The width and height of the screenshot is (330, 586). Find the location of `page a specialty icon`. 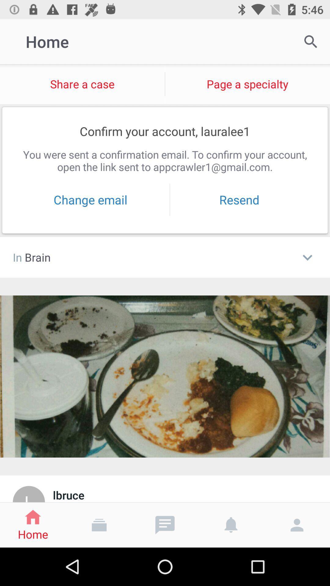

page a specialty icon is located at coordinates (248, 84).